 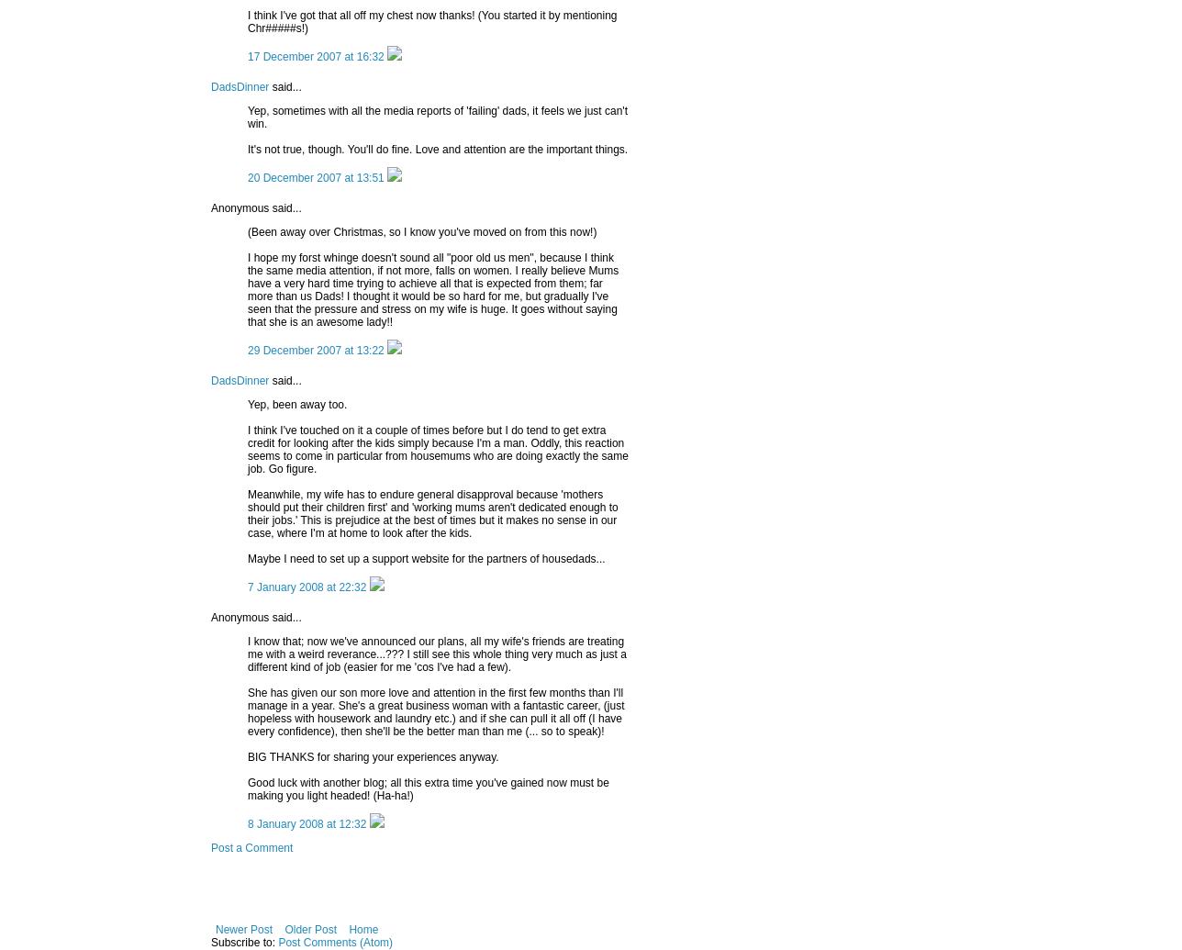 What do you see at coordinates (373, 754) in the screenshot?
I see `'BIG THANKS for sharing your experiences anyway.'` at bounding box center [373, 754].